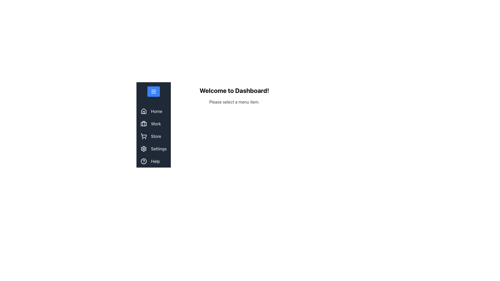  Describe the element at coordinates (144, 124) in the screenshot. I see `the second icon labeled 'Work' in the vertical navigation menu on the left-hand side of the interface` at that location.